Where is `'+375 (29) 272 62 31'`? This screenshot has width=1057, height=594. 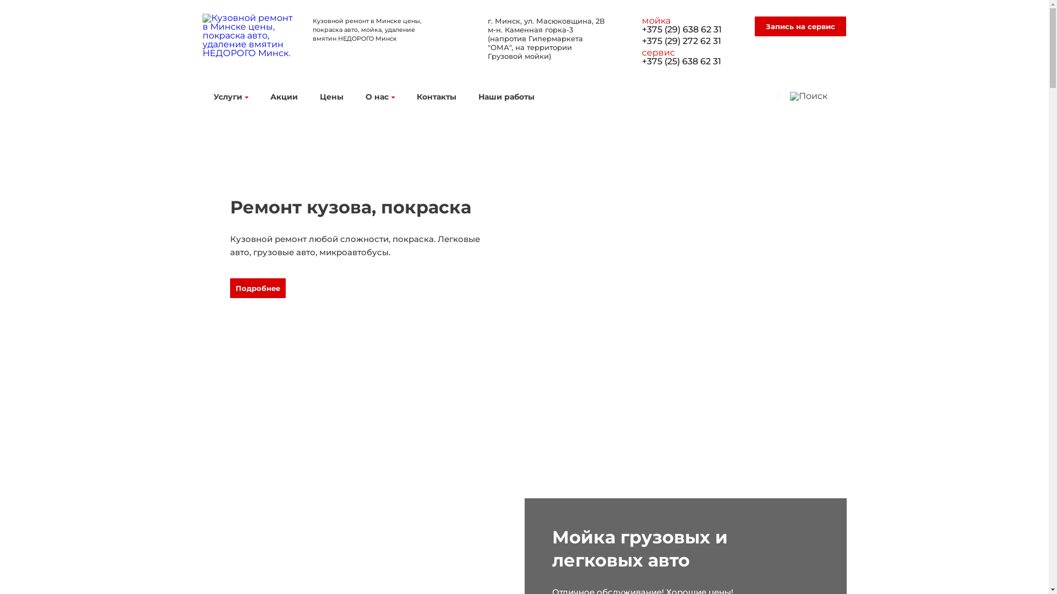
'+375 (29) 272 62 31' is located at coordinates (689, 46).